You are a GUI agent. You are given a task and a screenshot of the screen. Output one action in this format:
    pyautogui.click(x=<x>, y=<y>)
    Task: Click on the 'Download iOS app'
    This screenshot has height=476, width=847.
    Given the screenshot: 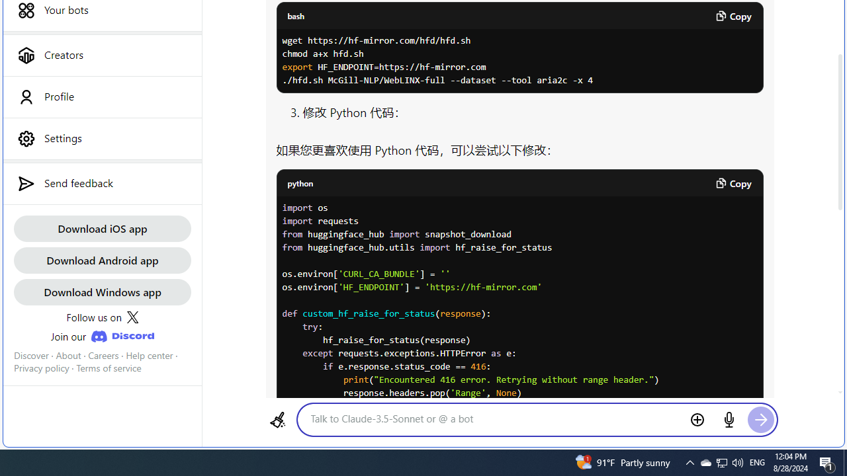 What is the action you would take?
    pyautogui.click(x=101, y=227)
    